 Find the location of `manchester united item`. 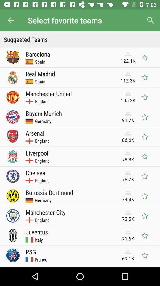

manchester united item is located at coordinates (48, 94).